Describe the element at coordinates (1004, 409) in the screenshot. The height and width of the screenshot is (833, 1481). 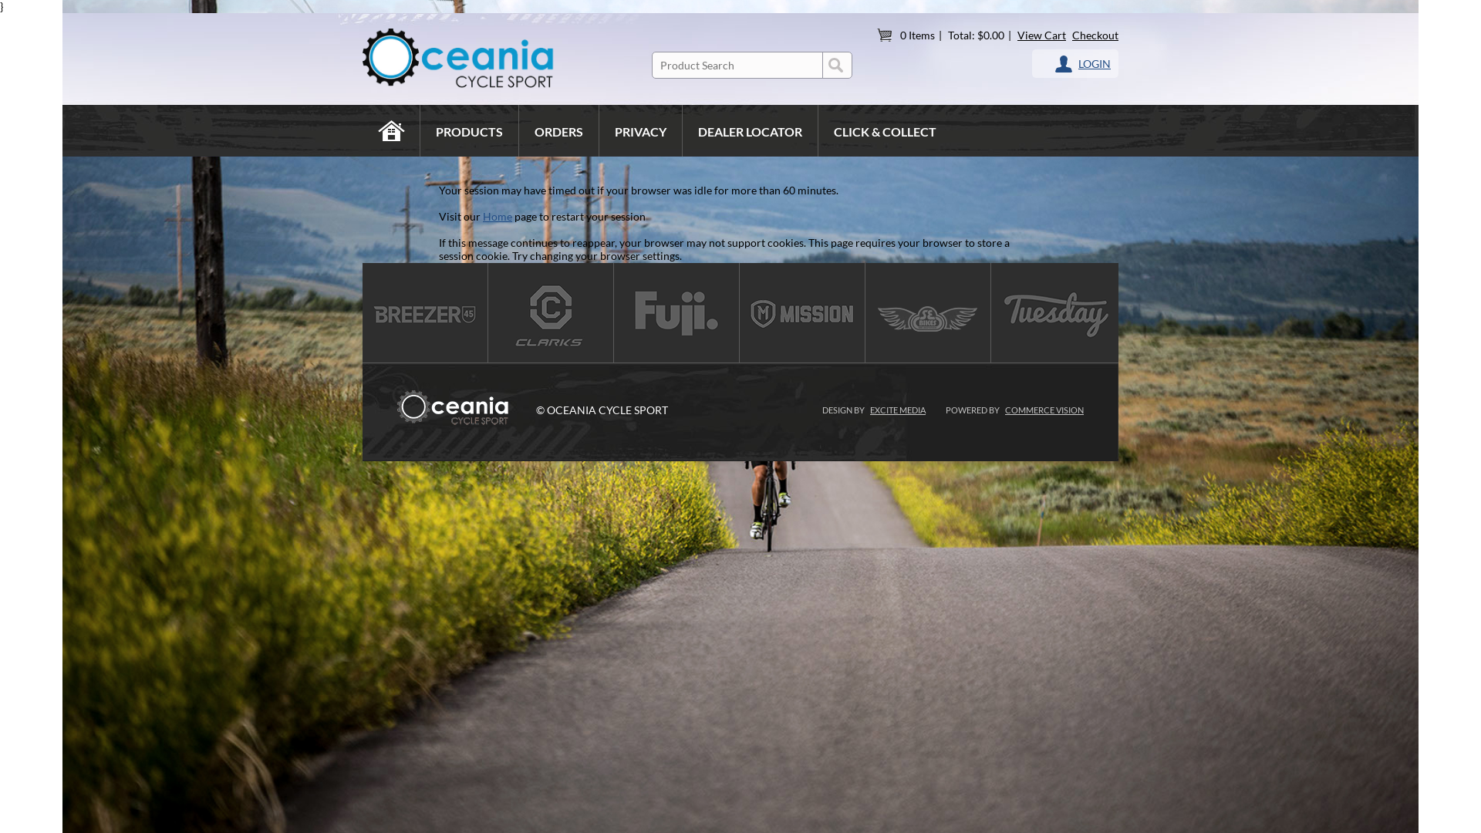
I see `'COMMERCE VISION'` at that location.